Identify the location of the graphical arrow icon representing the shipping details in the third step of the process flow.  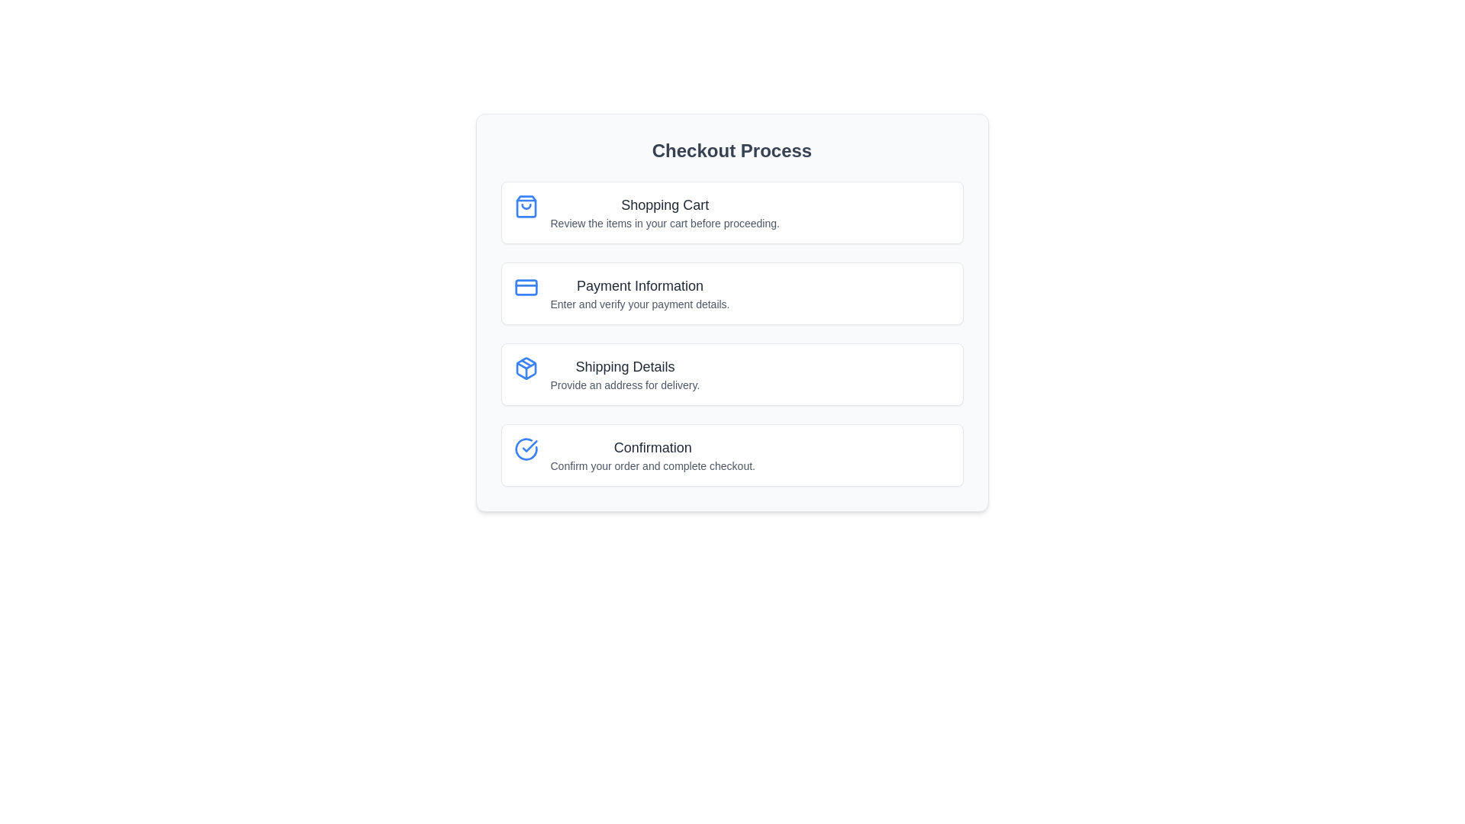
(526, 365).